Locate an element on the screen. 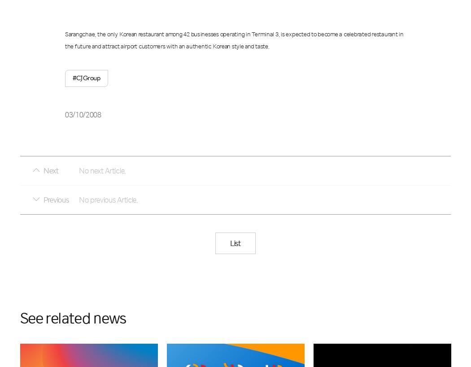  '#CJGroup' is located at coordinates (86, 77).